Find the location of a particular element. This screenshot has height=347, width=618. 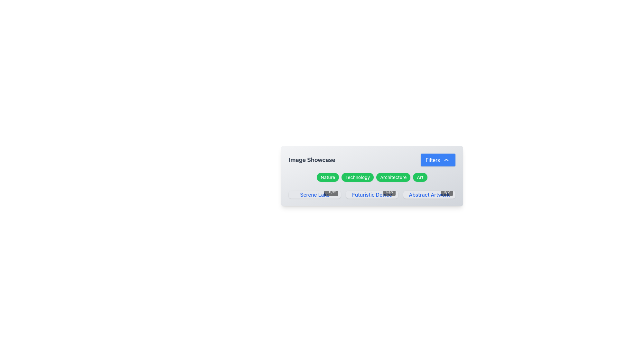

the text label displaying 'Futuristic Device' is located at coordinates (372, 194).